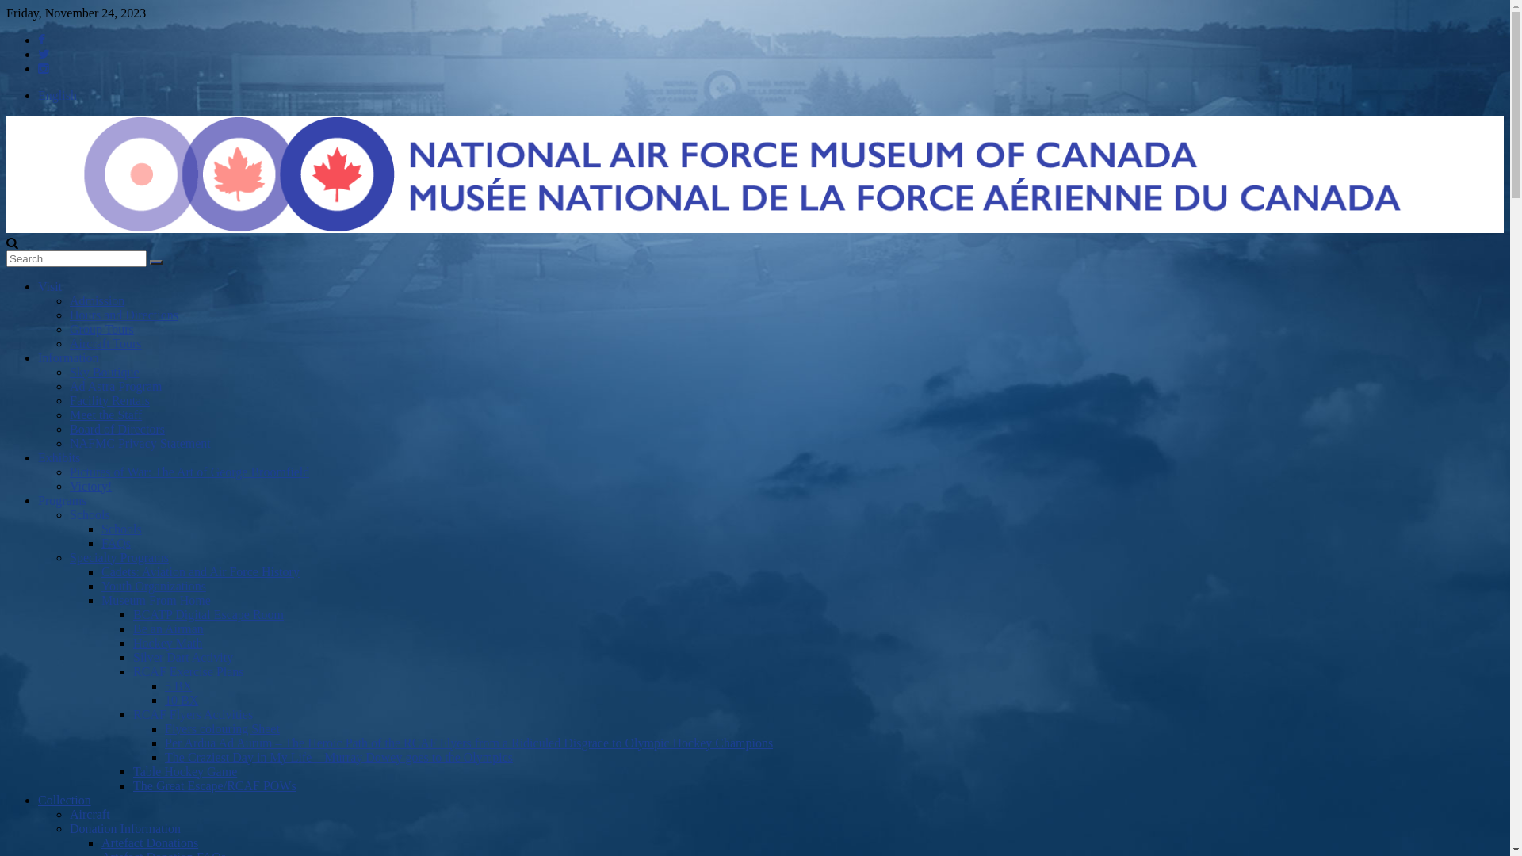  I want to click on 'Information', so click(67, 357).